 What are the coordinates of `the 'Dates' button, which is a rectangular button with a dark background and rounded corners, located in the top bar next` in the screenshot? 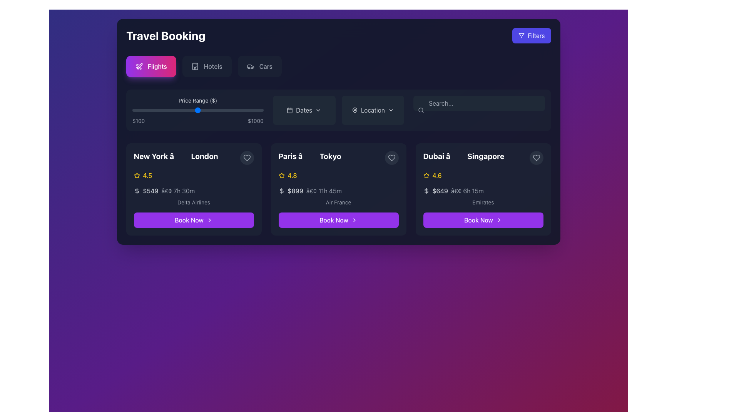 It's located at (304, 110).